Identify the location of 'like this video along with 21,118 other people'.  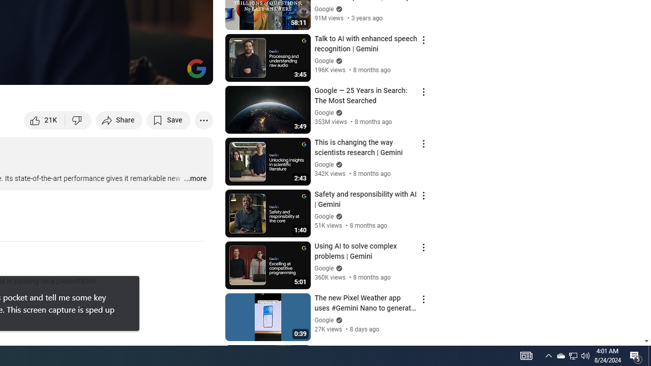
(44, 119).